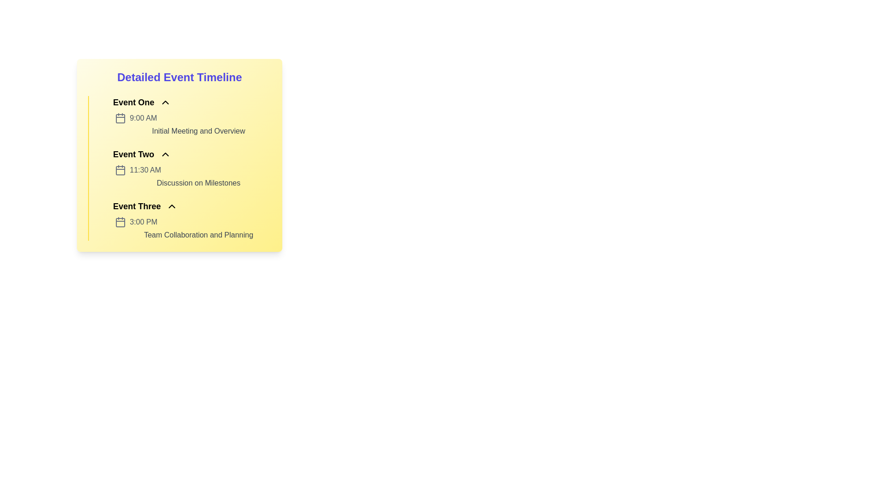 The image size is (890, 501). Describe the element at coordinates (179, 77) in the screenshot. I see `header text element at the center of the card-like layout that provides a title for the timeline of events` at that location.